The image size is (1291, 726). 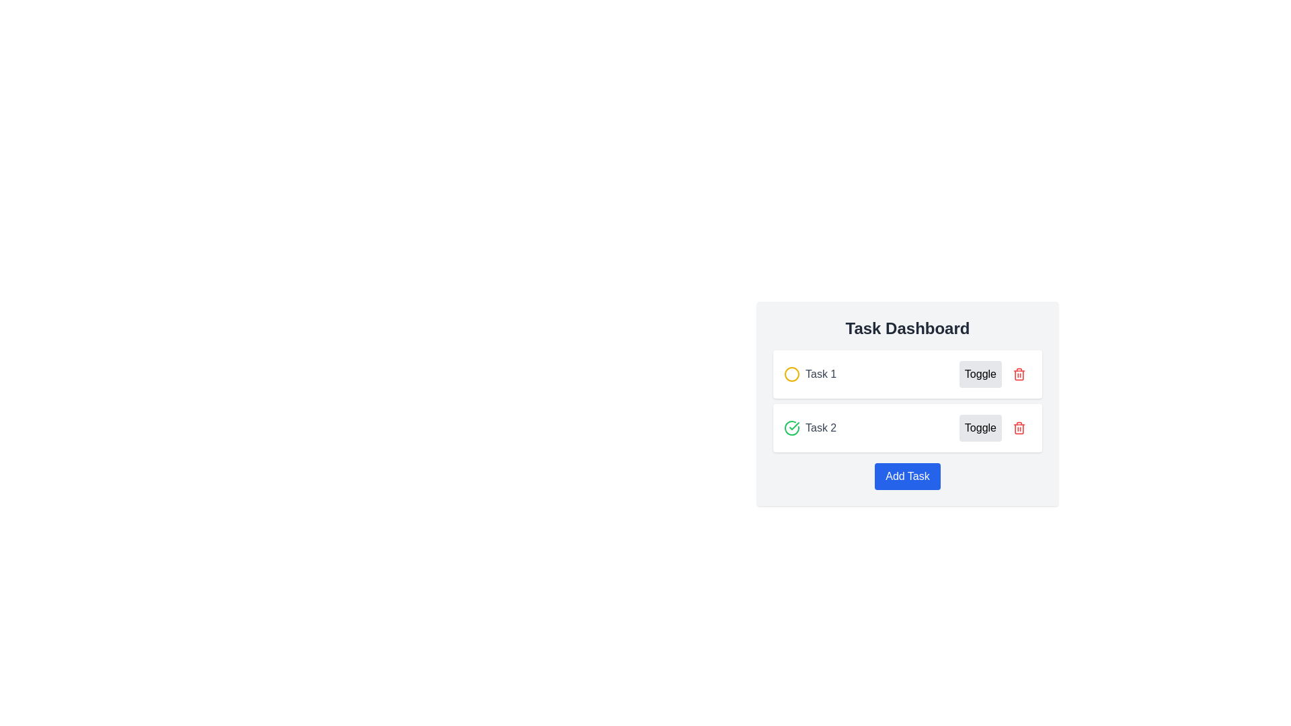 What do you see at coordinates (1019, 375) in the screenshot?
I see `the delete icon located in the center of the trash can icon to initiate a delete action` at bounding box center [1019, 375].